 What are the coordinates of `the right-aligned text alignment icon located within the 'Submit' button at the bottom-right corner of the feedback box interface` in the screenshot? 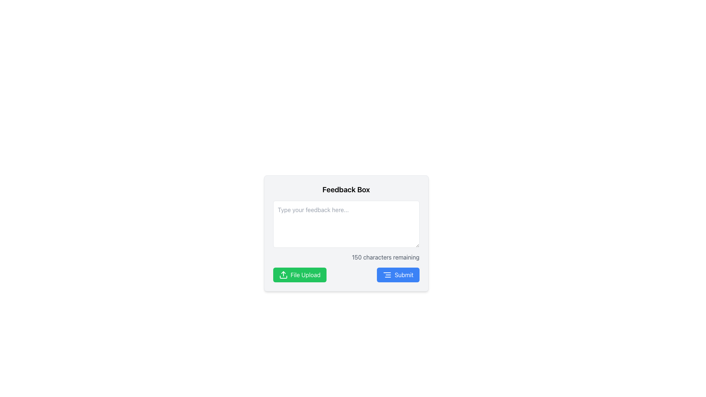 It's located at (387, 275).